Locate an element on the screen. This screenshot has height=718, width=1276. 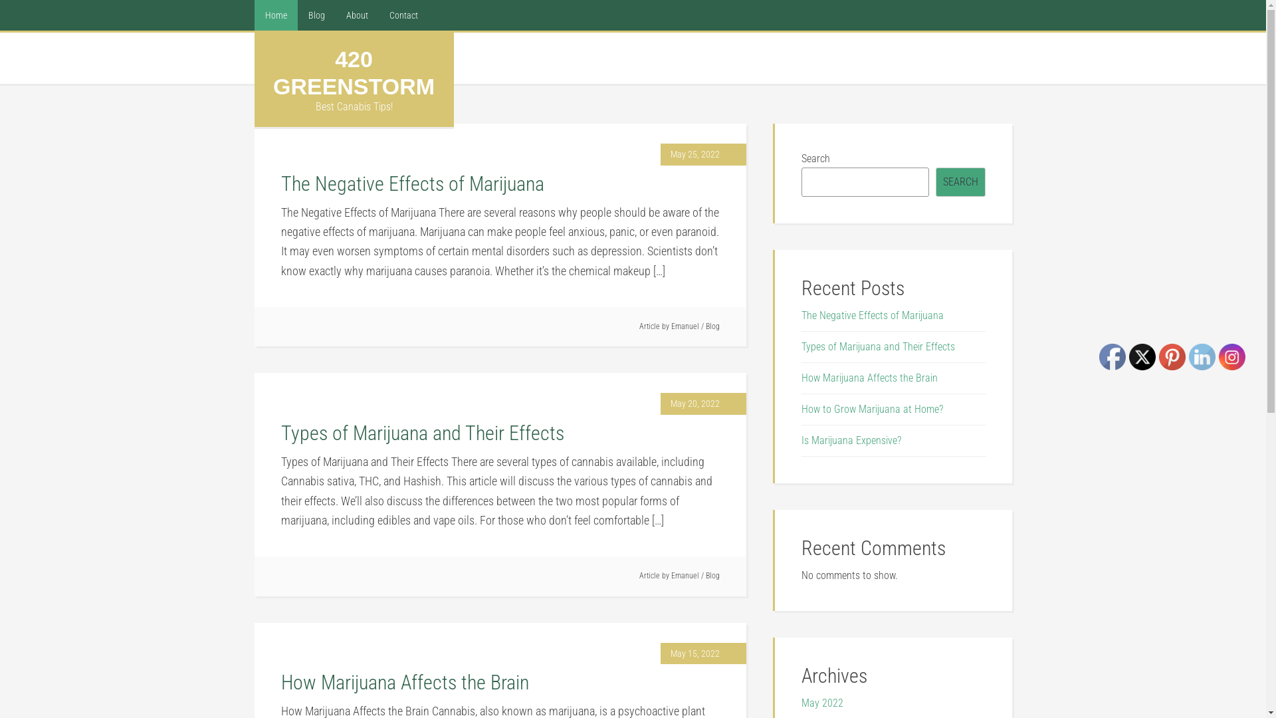
'LinkedIn' is located at coordinates (1189, 356).